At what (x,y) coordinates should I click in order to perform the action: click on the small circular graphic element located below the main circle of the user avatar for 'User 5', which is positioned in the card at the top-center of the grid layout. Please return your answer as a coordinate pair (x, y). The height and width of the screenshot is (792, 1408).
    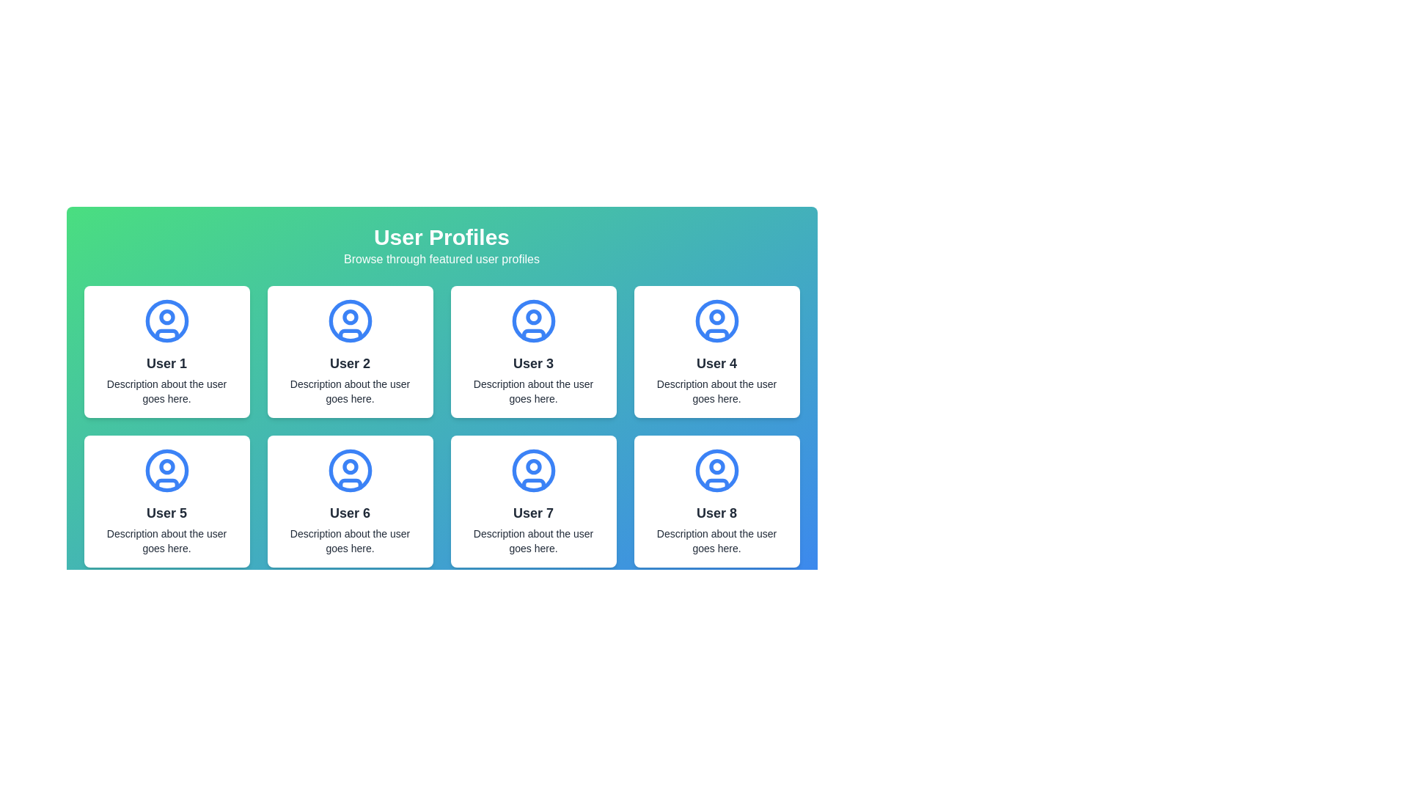
    Looking at the image, I should click on (166, 466).